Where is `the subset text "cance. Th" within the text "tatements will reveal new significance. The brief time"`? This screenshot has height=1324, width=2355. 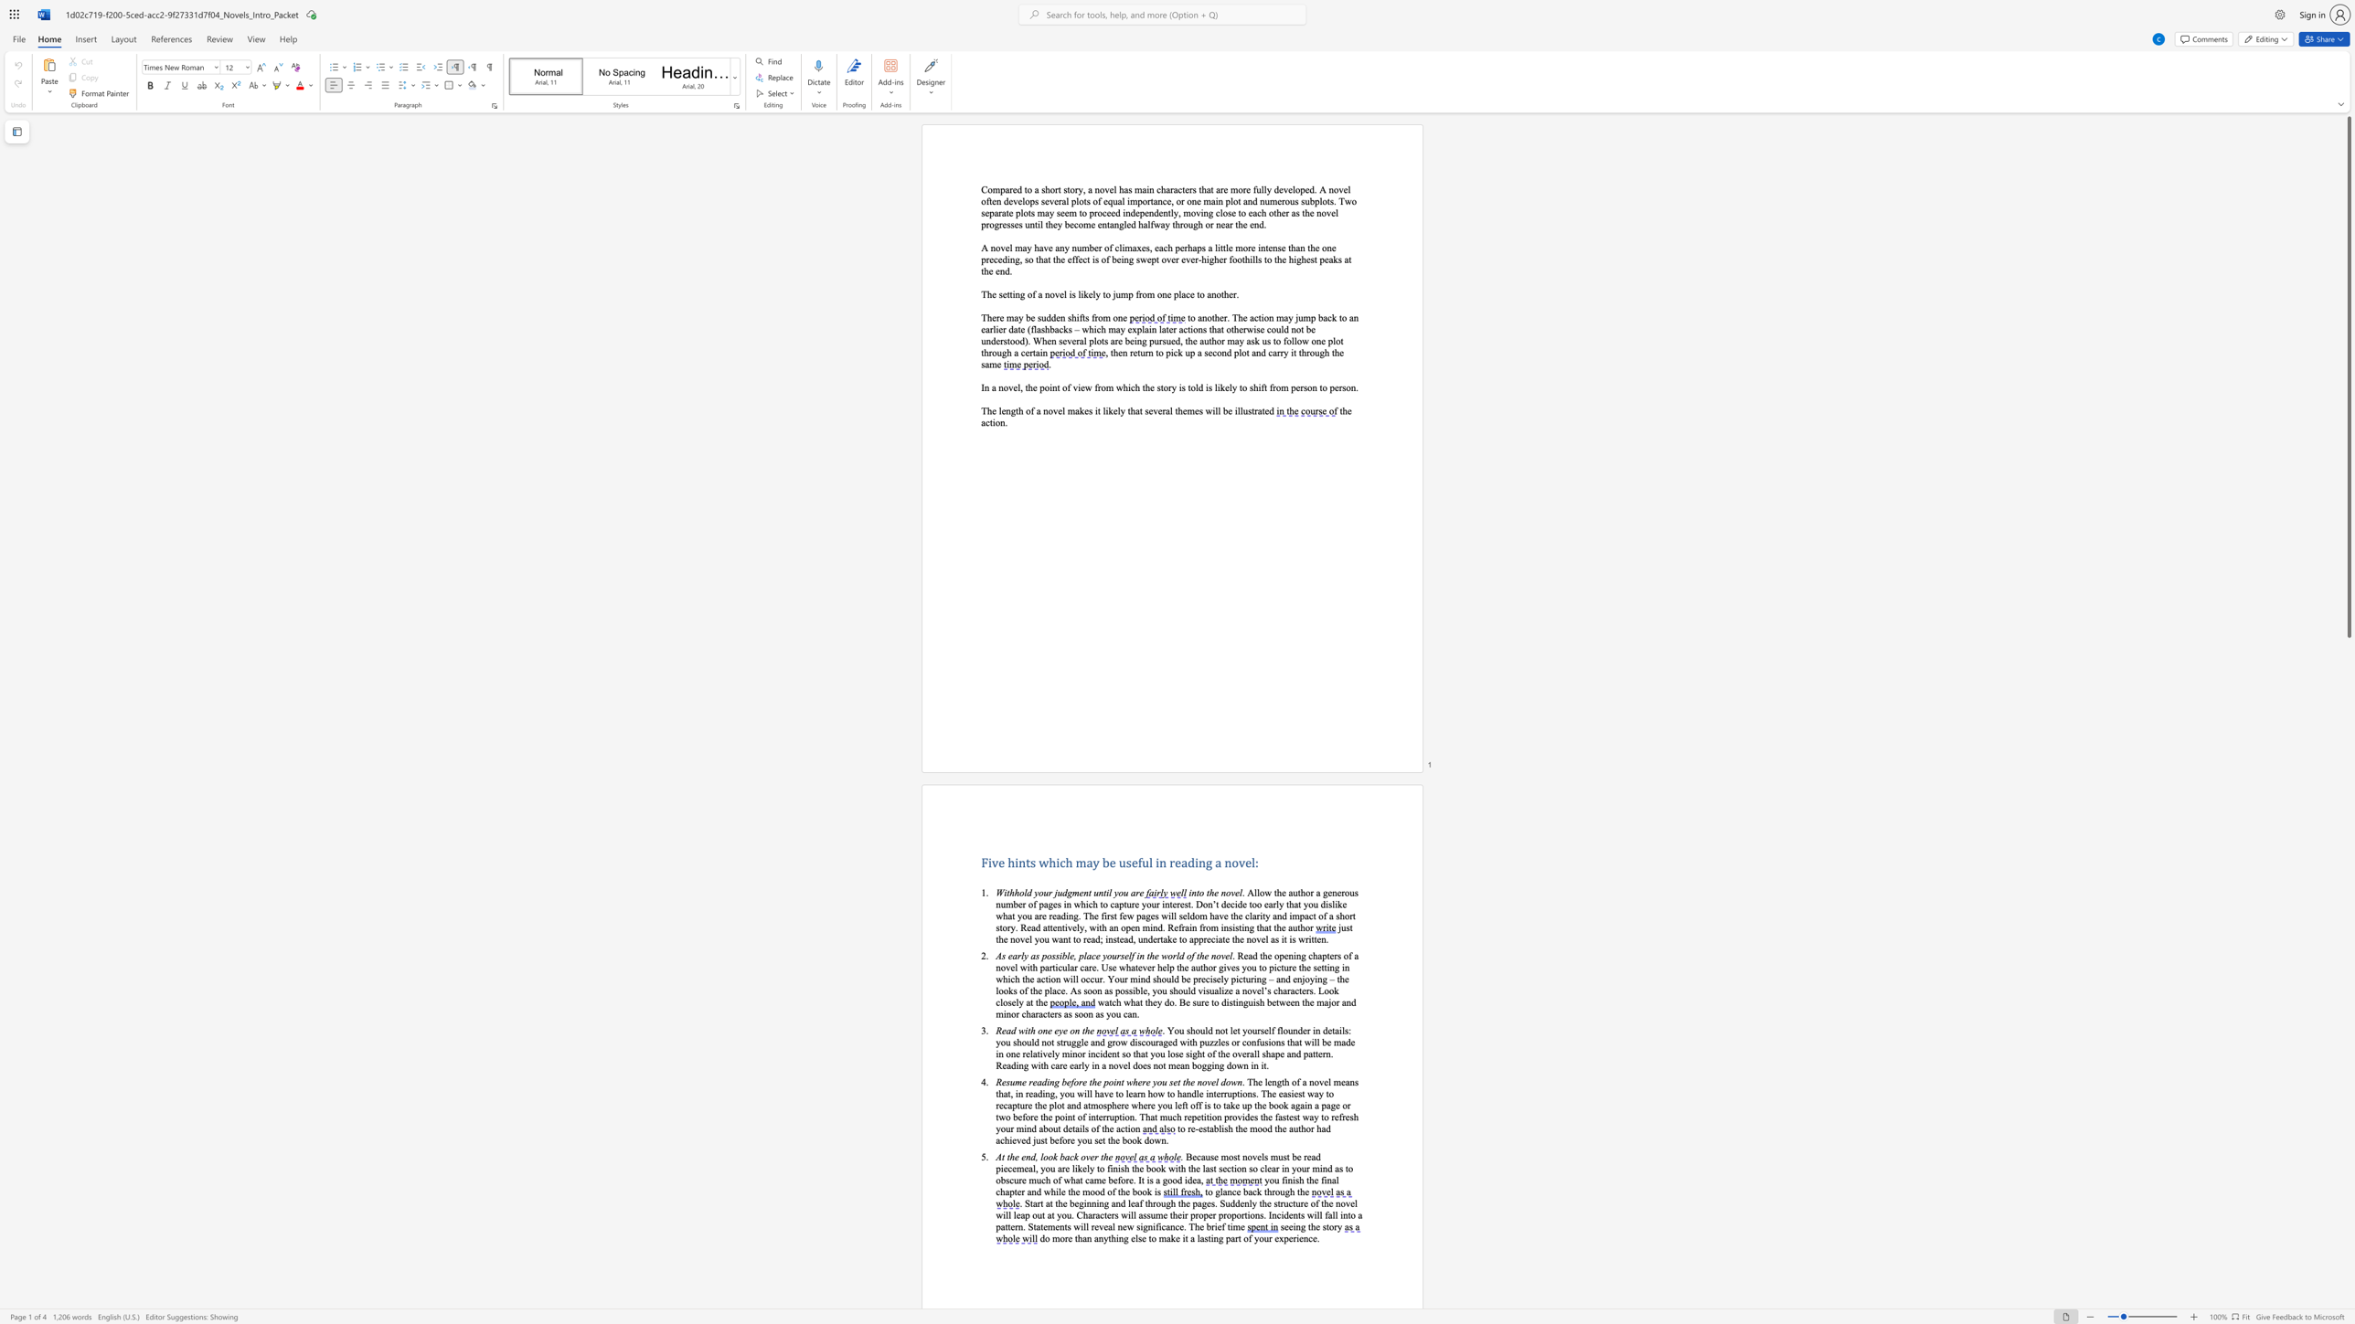
the subset text "cance. Th" within the text "tatements will reveal new significance. The brief time" is located at coordinates (1160, 1226).